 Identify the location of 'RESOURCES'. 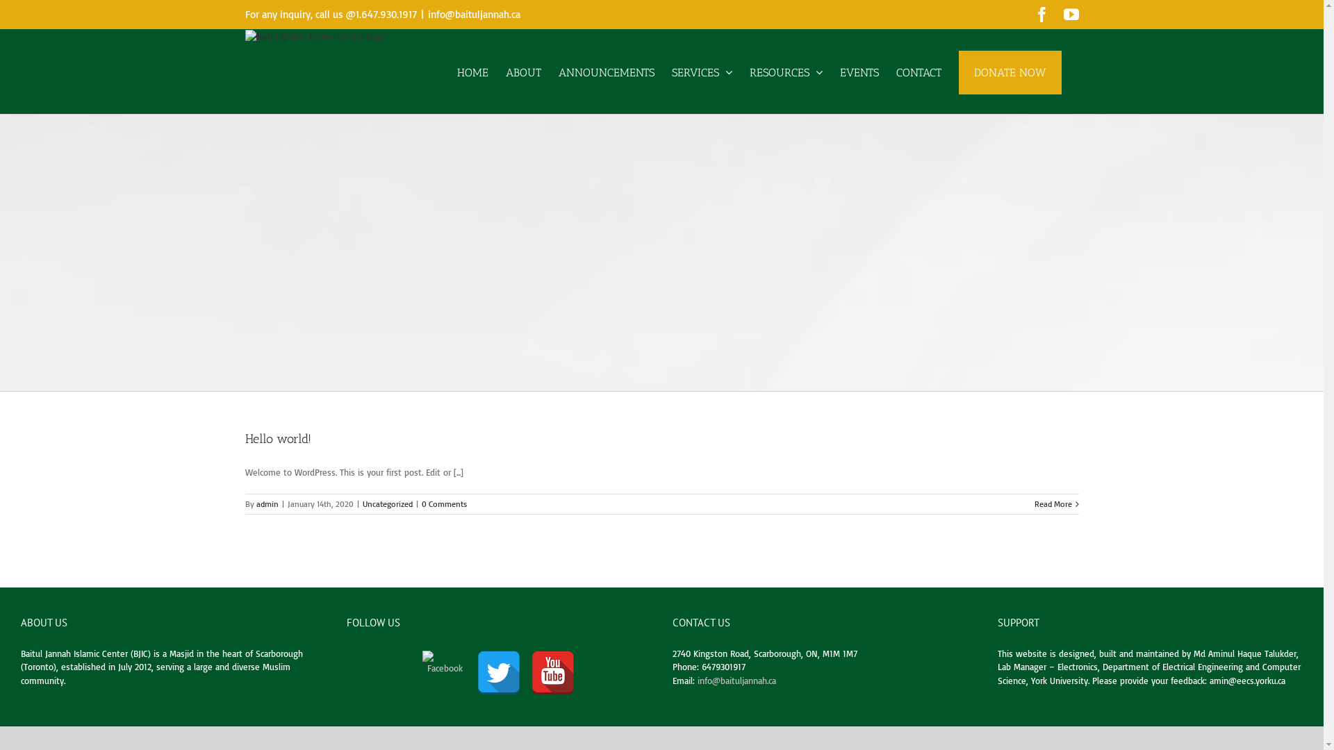
(785, 72).